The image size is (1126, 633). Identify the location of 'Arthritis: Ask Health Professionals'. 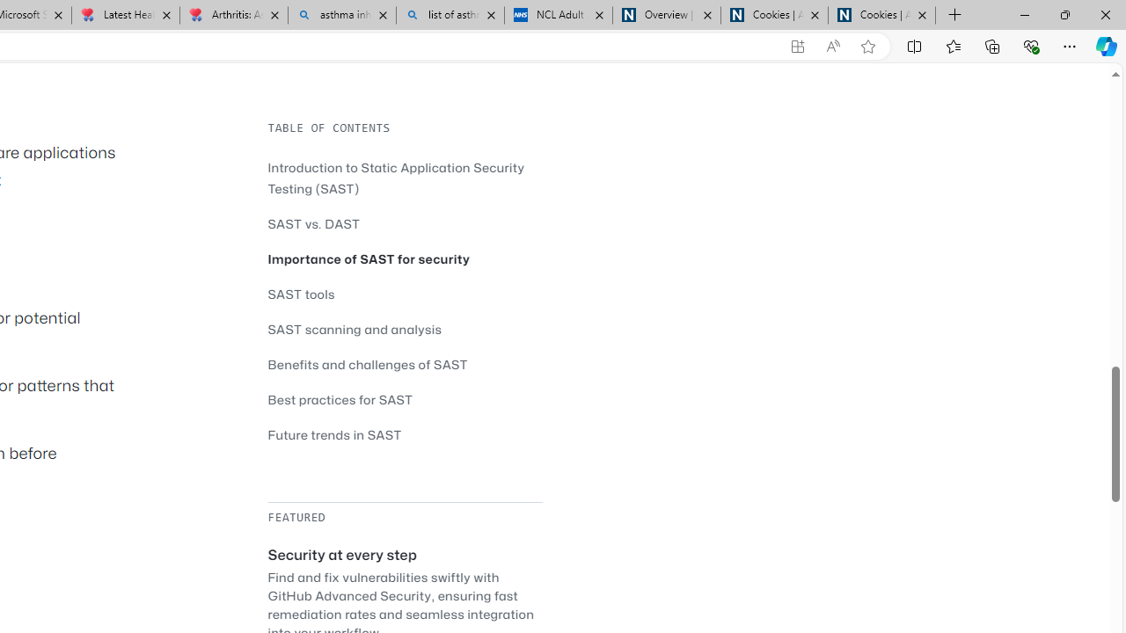
(232, 15).